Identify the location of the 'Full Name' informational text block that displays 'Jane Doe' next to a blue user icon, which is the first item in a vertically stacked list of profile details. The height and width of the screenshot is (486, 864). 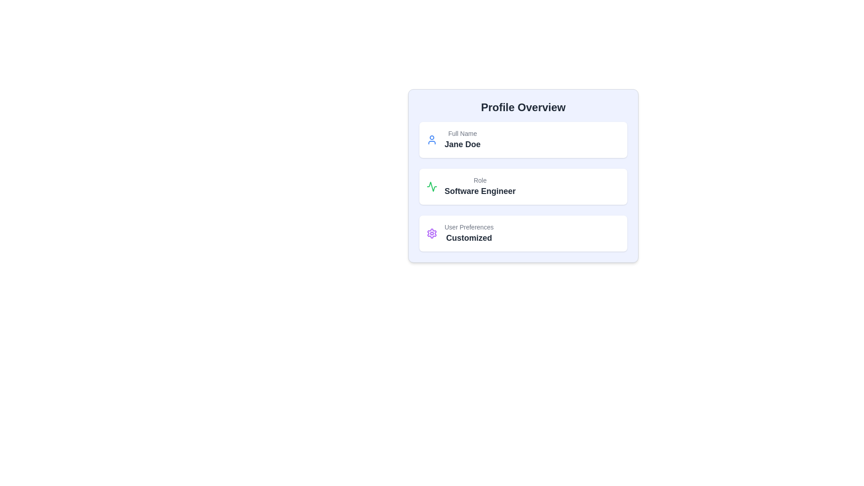
(454, 140).